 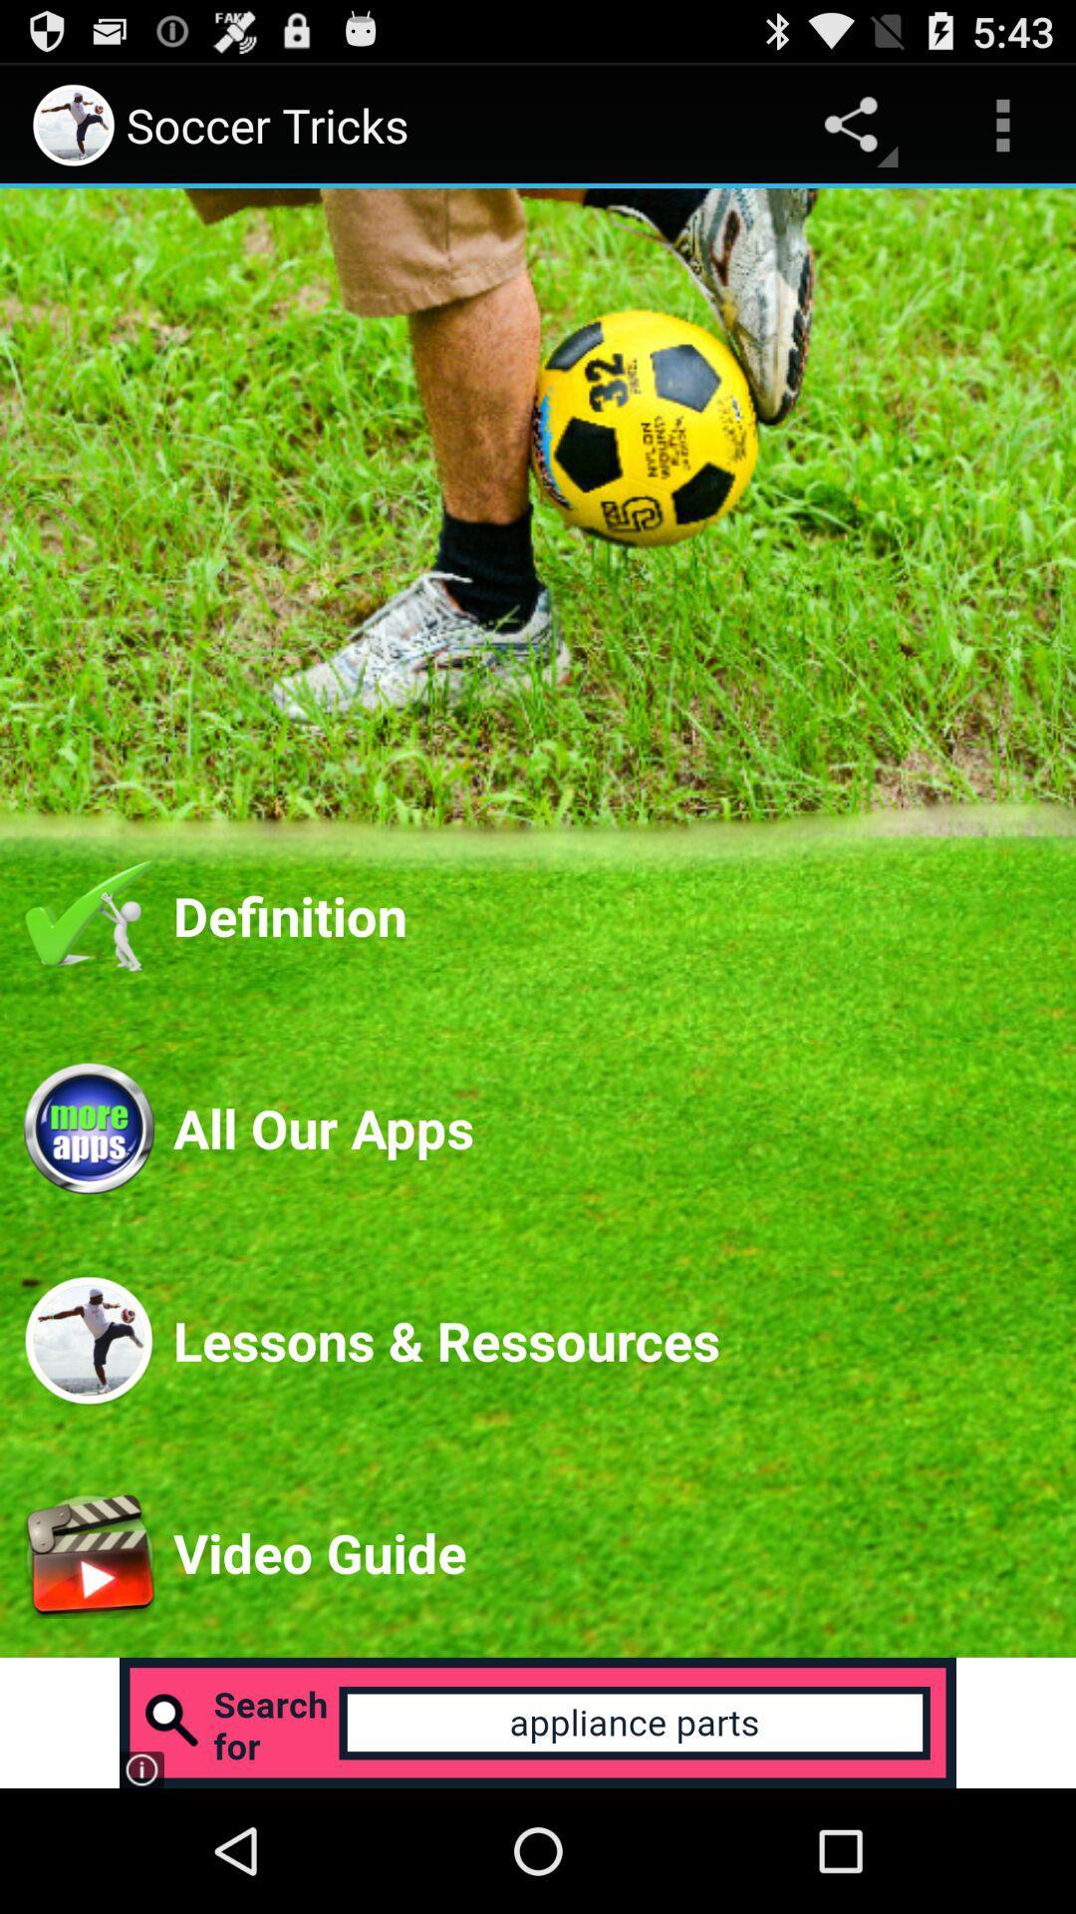 I want to click on the lessons & ressources item, so click(x=611, y=1340).